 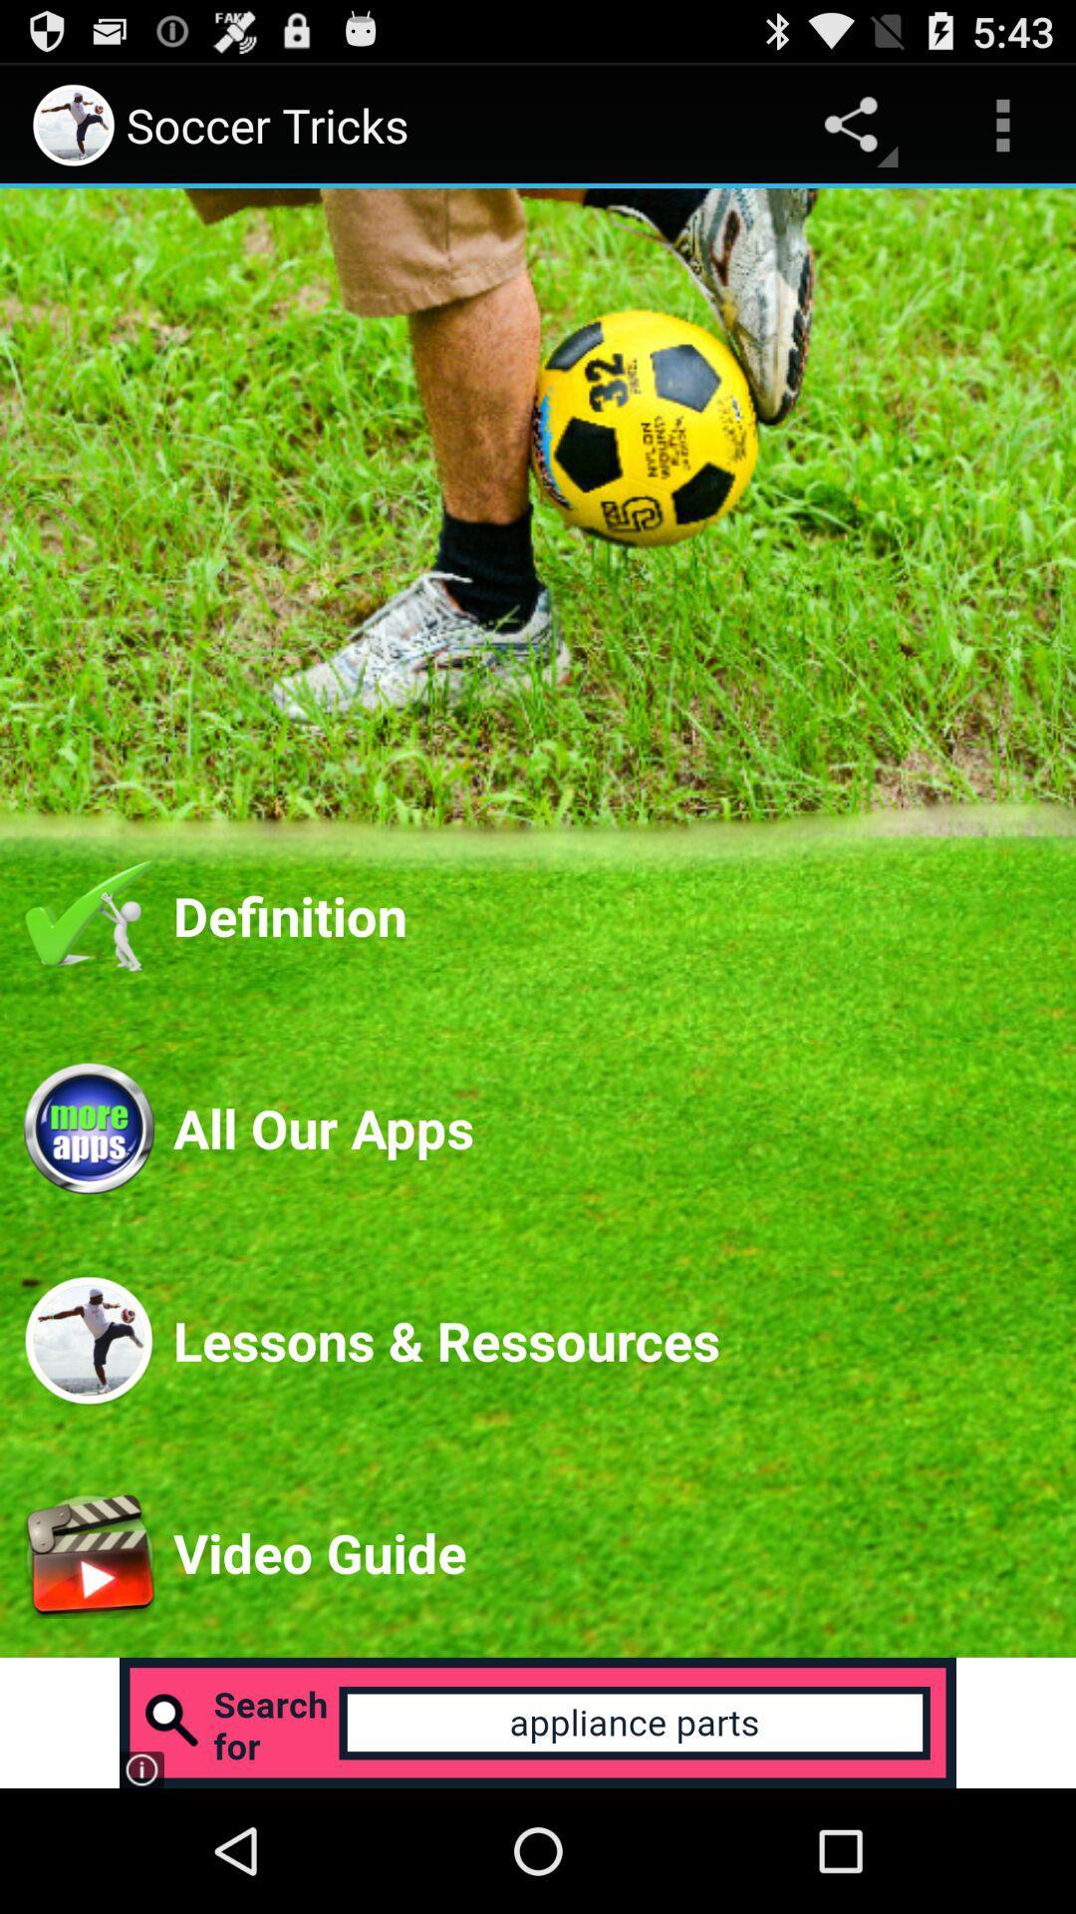 I want to click on the lessons & ressources item, so click(x=611, y=1340).